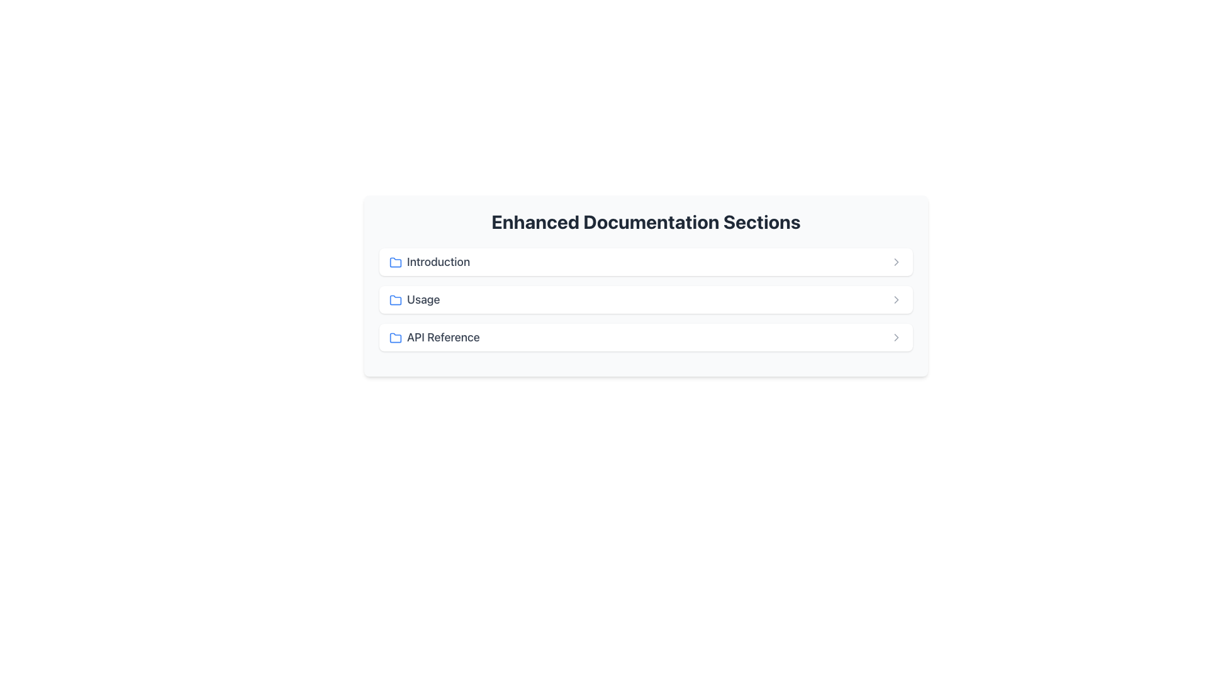  What do you see at coordinates (646, 261) in the screenshot?
I see `the first List Item in the documentation navigation, which leads to the 'Introduction' section` at bounding box center [646, 261].